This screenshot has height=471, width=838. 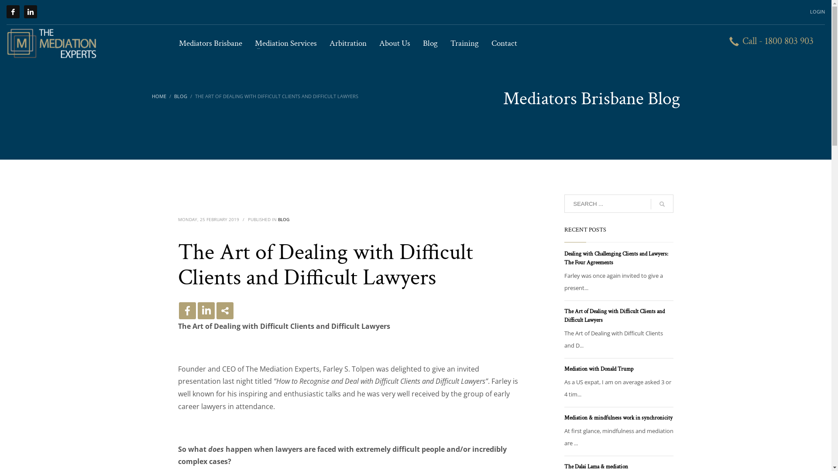 What do you see at coordinates (285, 44) in the screenshot?
I see `'Mediation Services'` at bounding box center [285, 44].